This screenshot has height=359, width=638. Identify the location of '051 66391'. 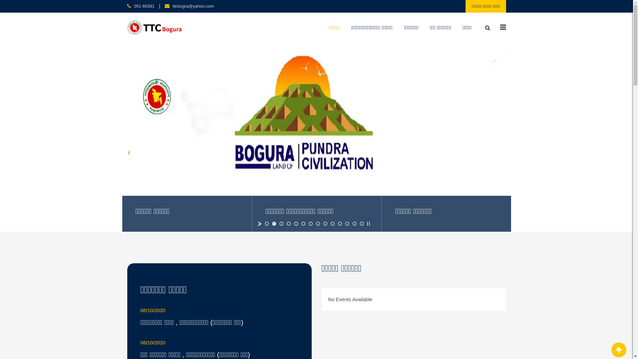
(144, 6).